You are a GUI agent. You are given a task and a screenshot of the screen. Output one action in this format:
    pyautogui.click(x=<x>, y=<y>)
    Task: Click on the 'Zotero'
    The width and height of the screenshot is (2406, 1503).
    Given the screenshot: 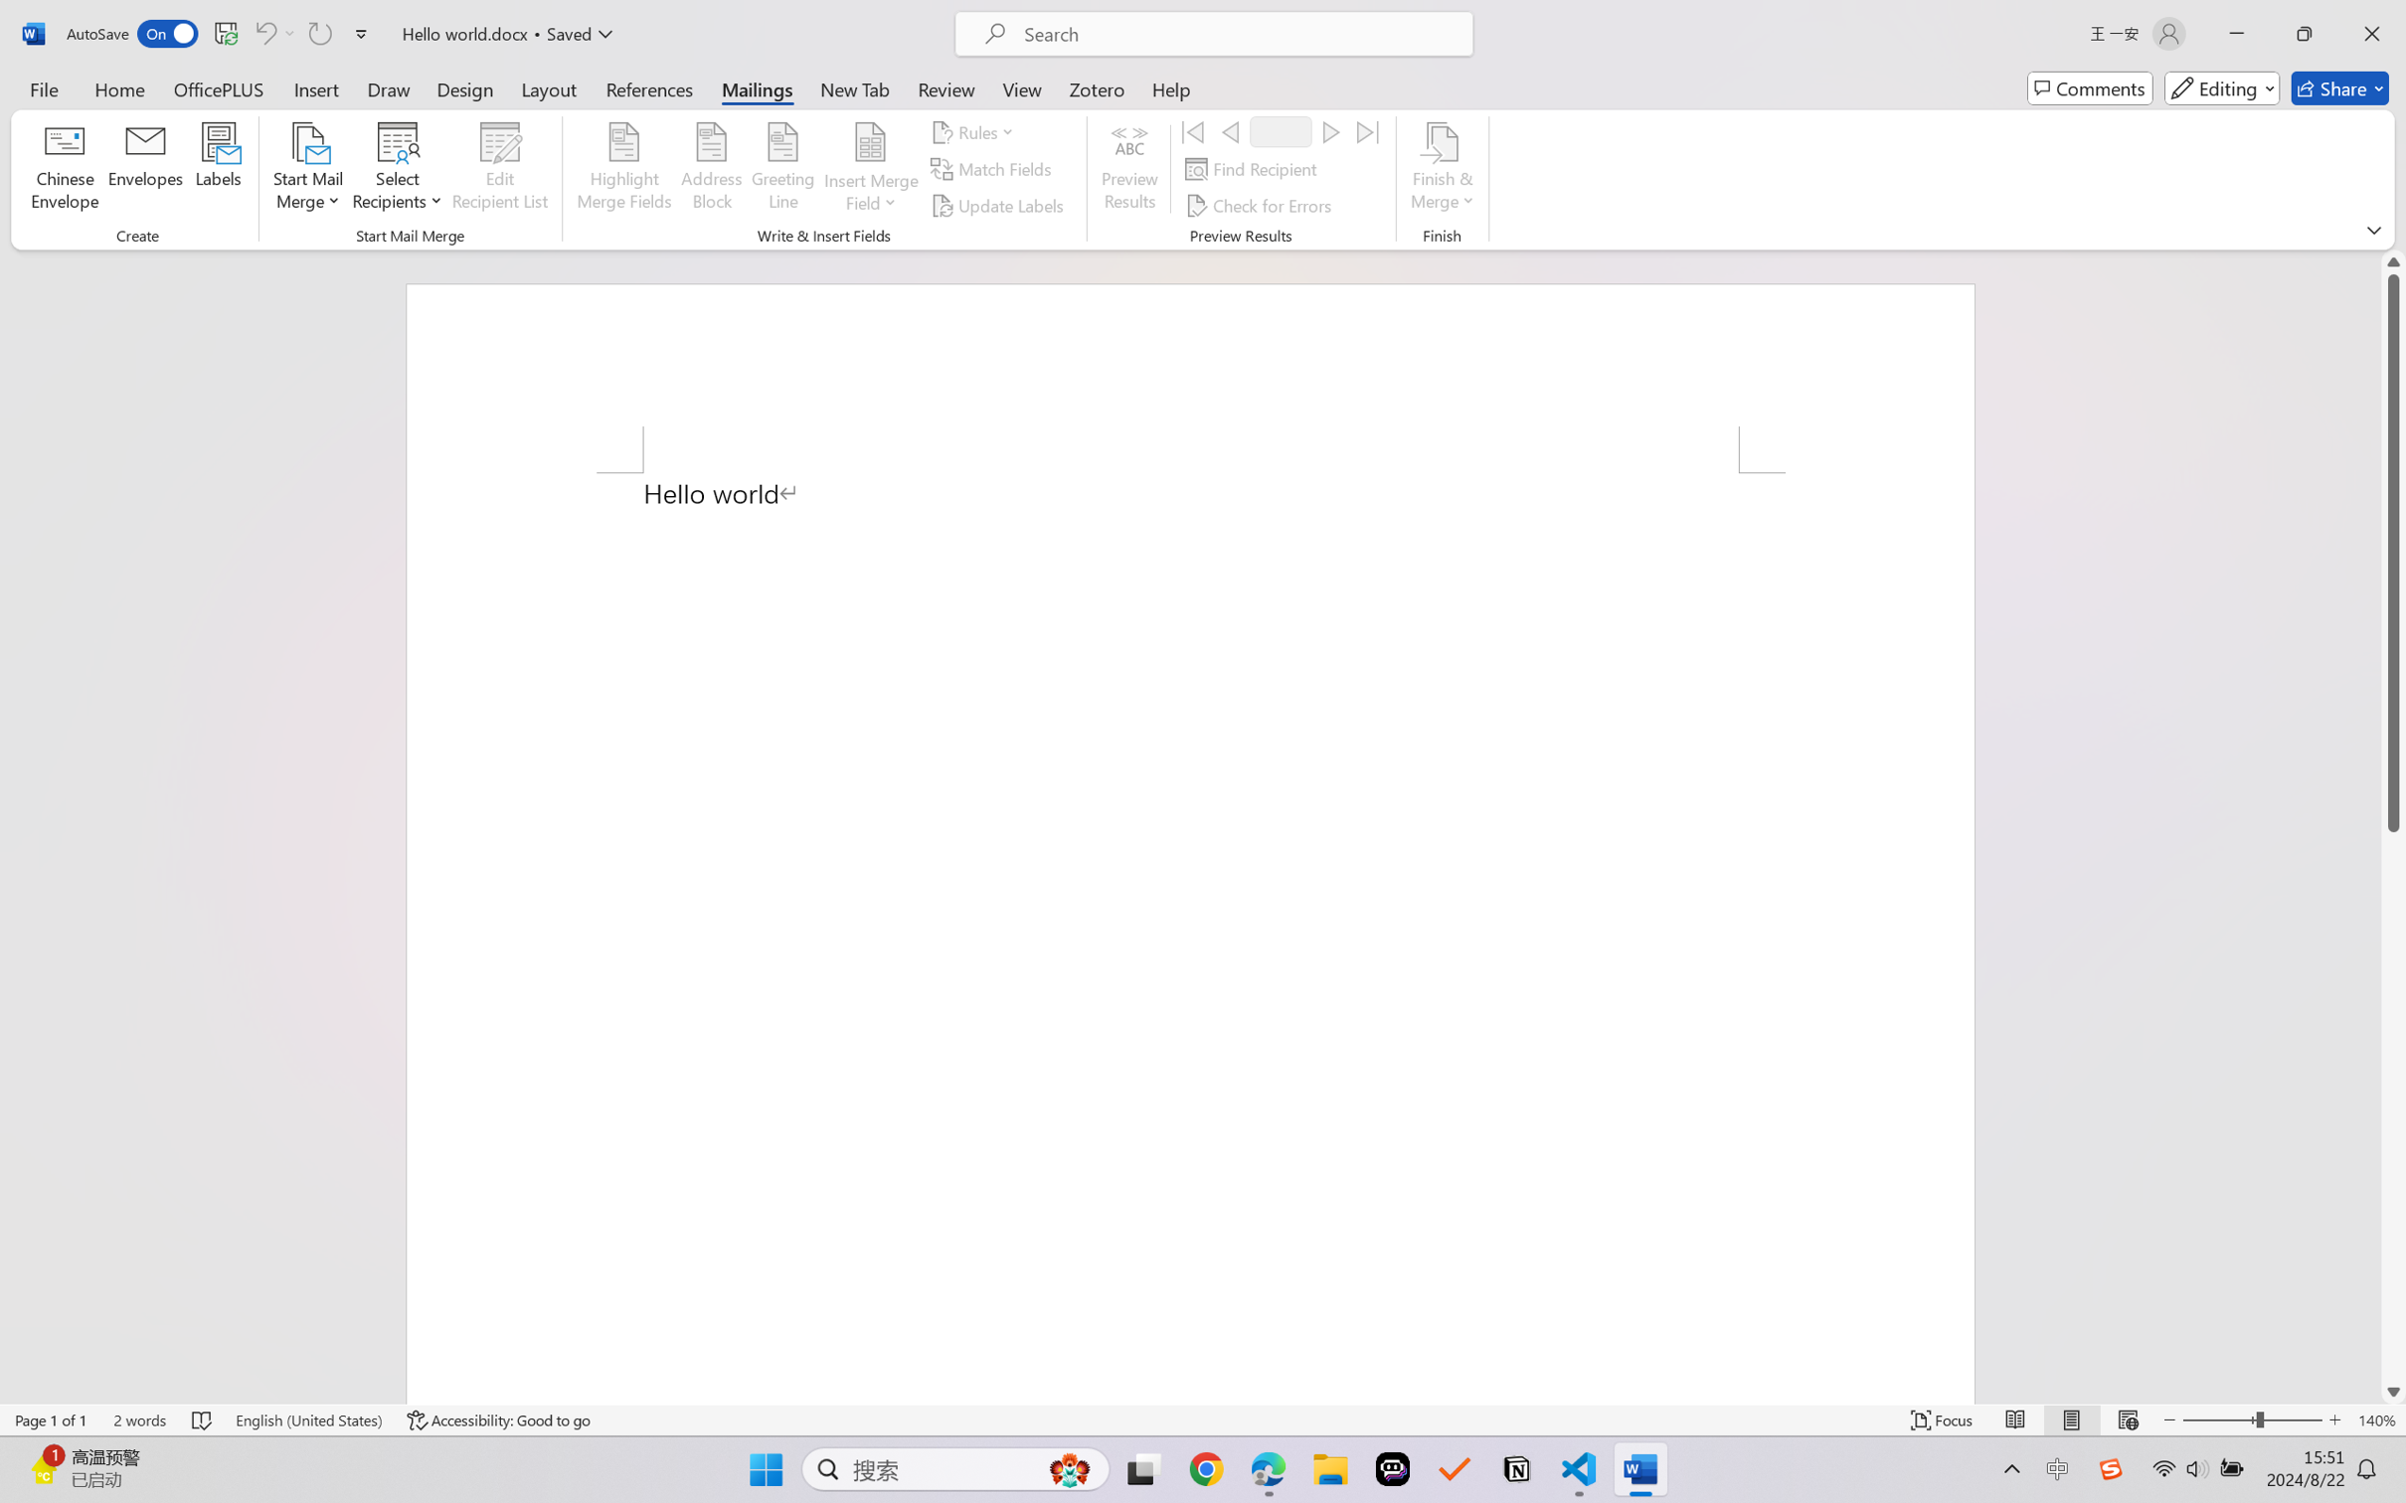 What is the action you would take?
    pyautogui.click(x=1096, y=87)
    